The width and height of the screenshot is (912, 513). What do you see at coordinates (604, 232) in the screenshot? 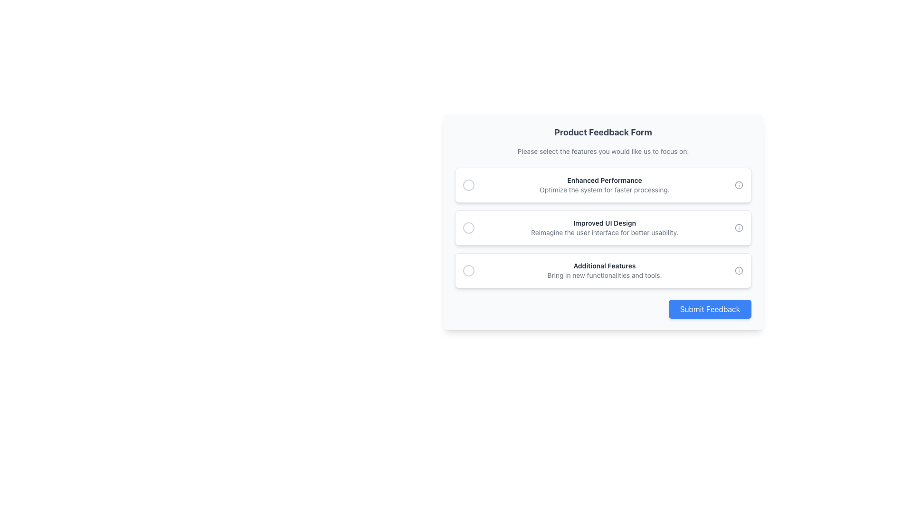
I see `the non-interactive text label that provides additional information about the 'Improved UI Design' option, located below the bold title in the feedback topics list` at bounding box center [604, 232].